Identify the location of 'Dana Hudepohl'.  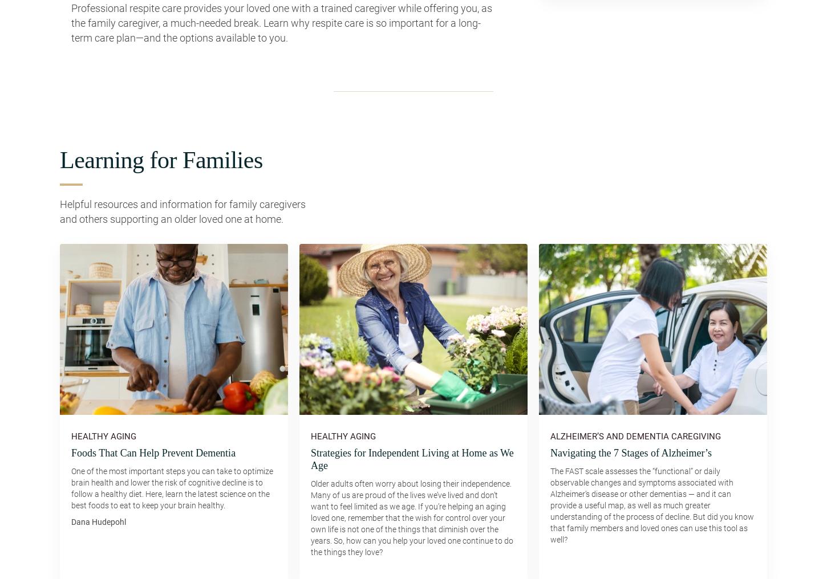
(98, 521).